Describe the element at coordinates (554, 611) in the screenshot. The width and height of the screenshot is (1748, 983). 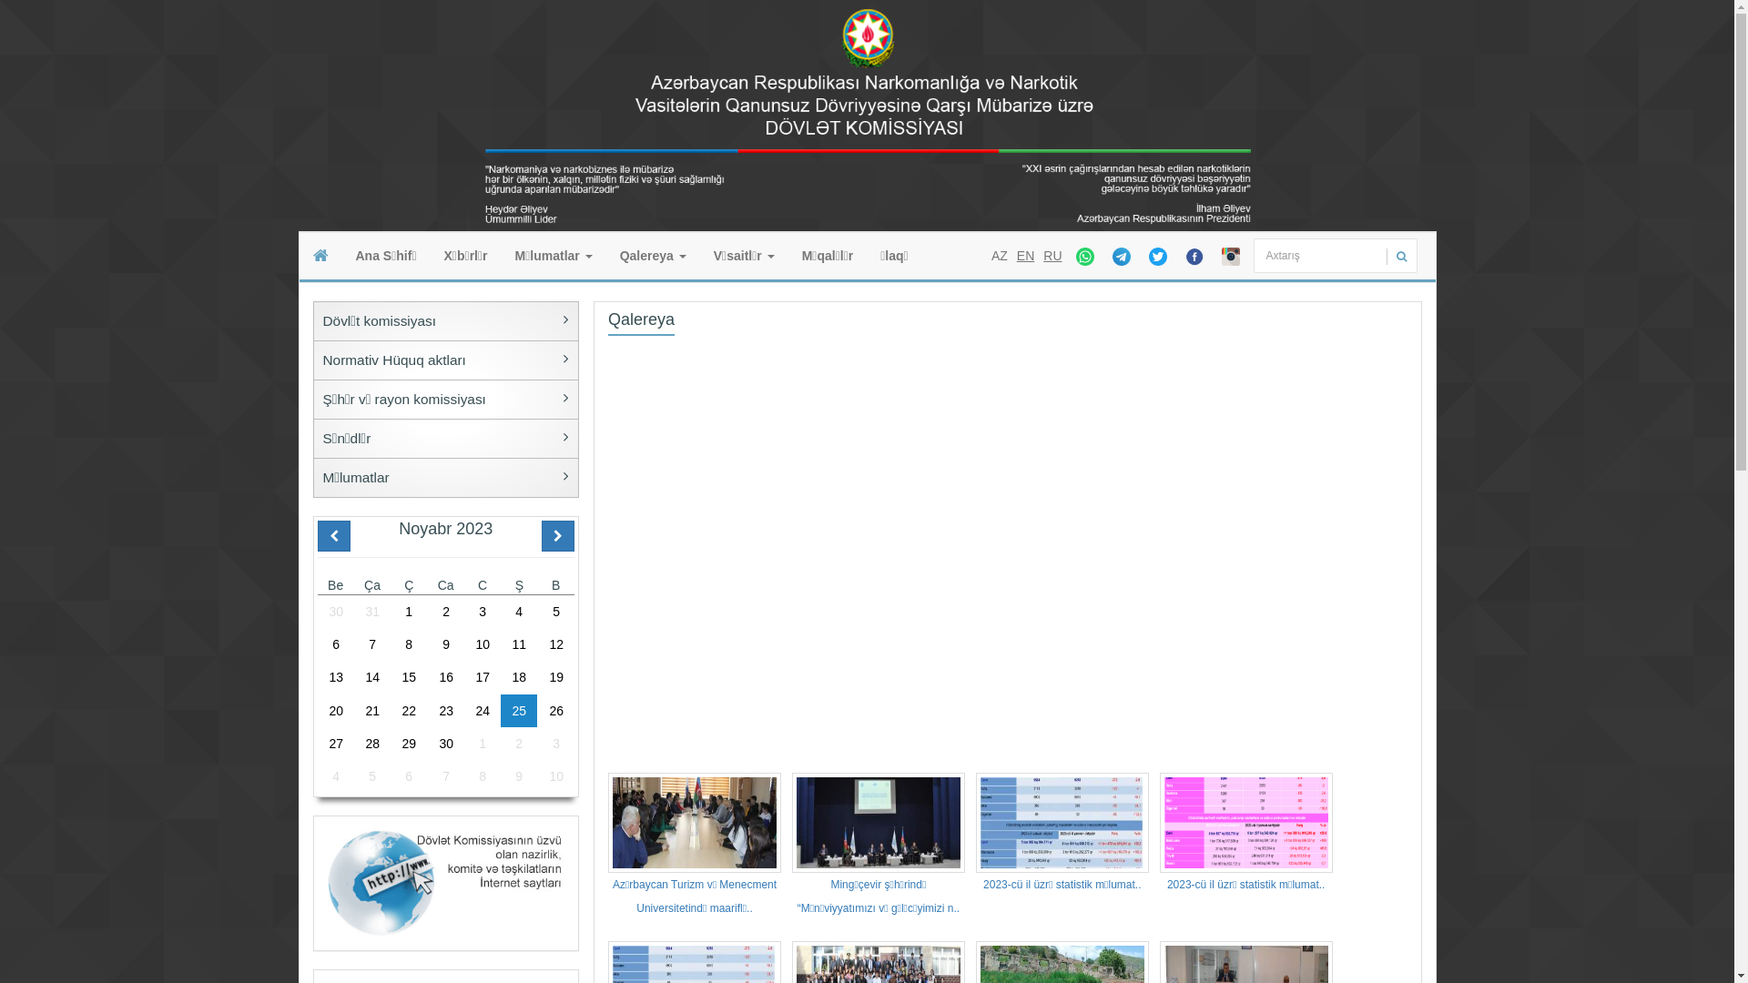
I see `'5'` at that location.